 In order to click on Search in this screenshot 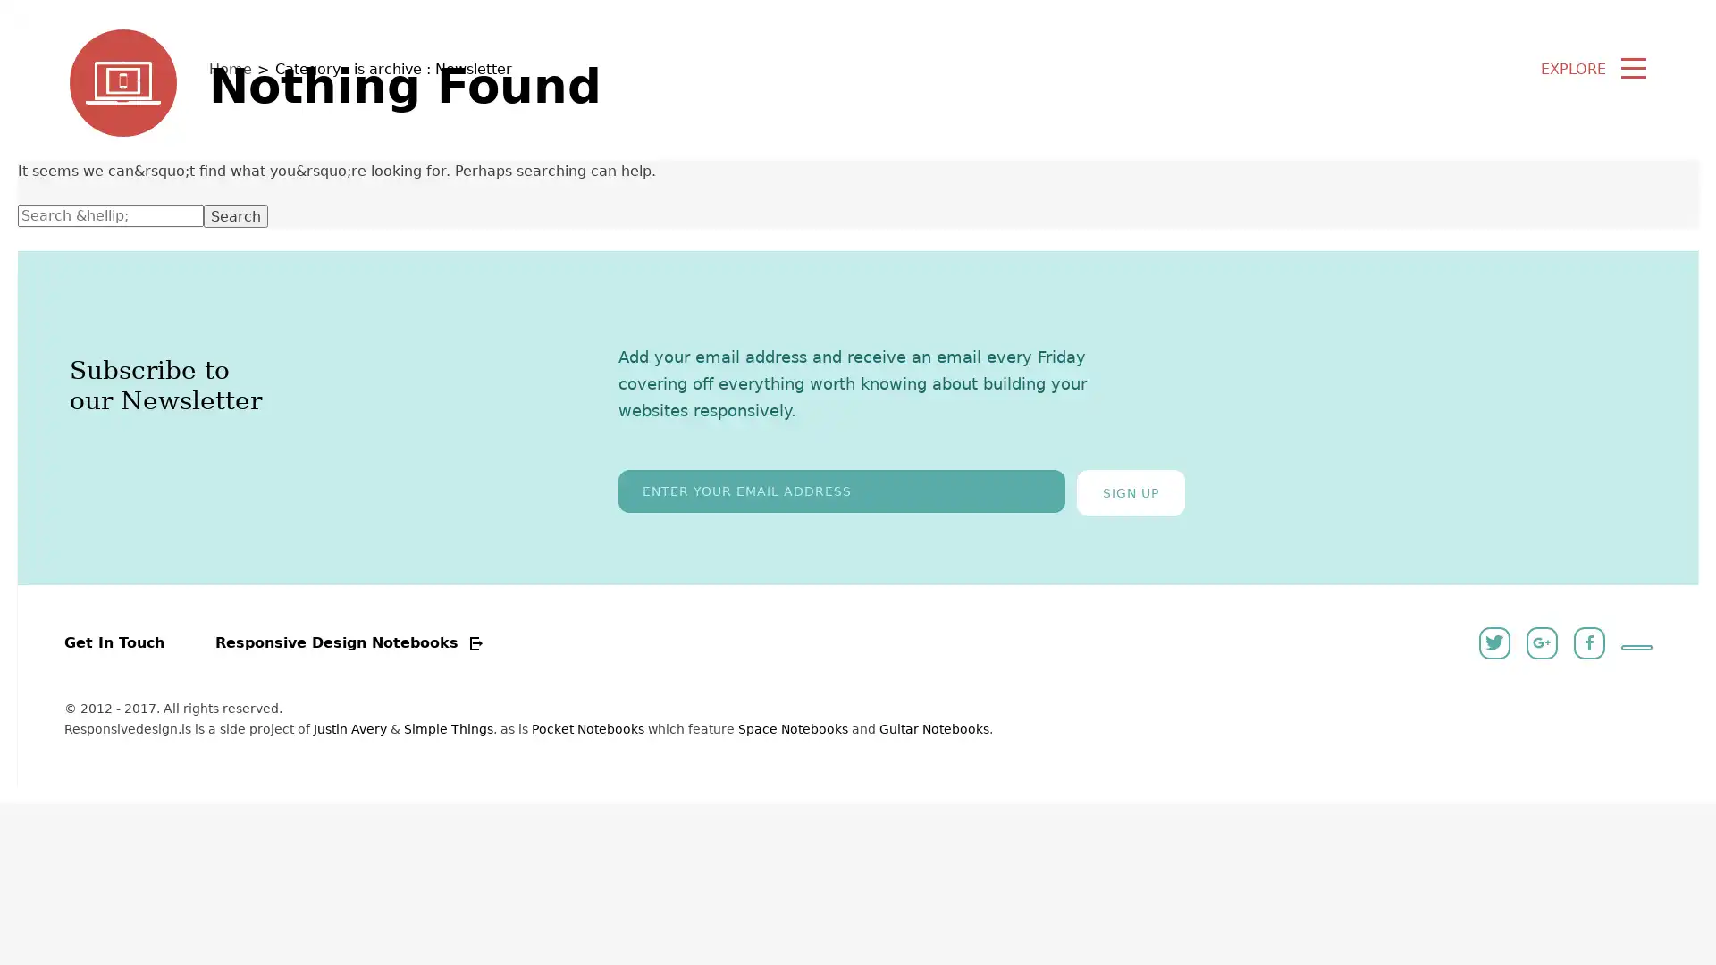, I will do `click(234, 214)`.